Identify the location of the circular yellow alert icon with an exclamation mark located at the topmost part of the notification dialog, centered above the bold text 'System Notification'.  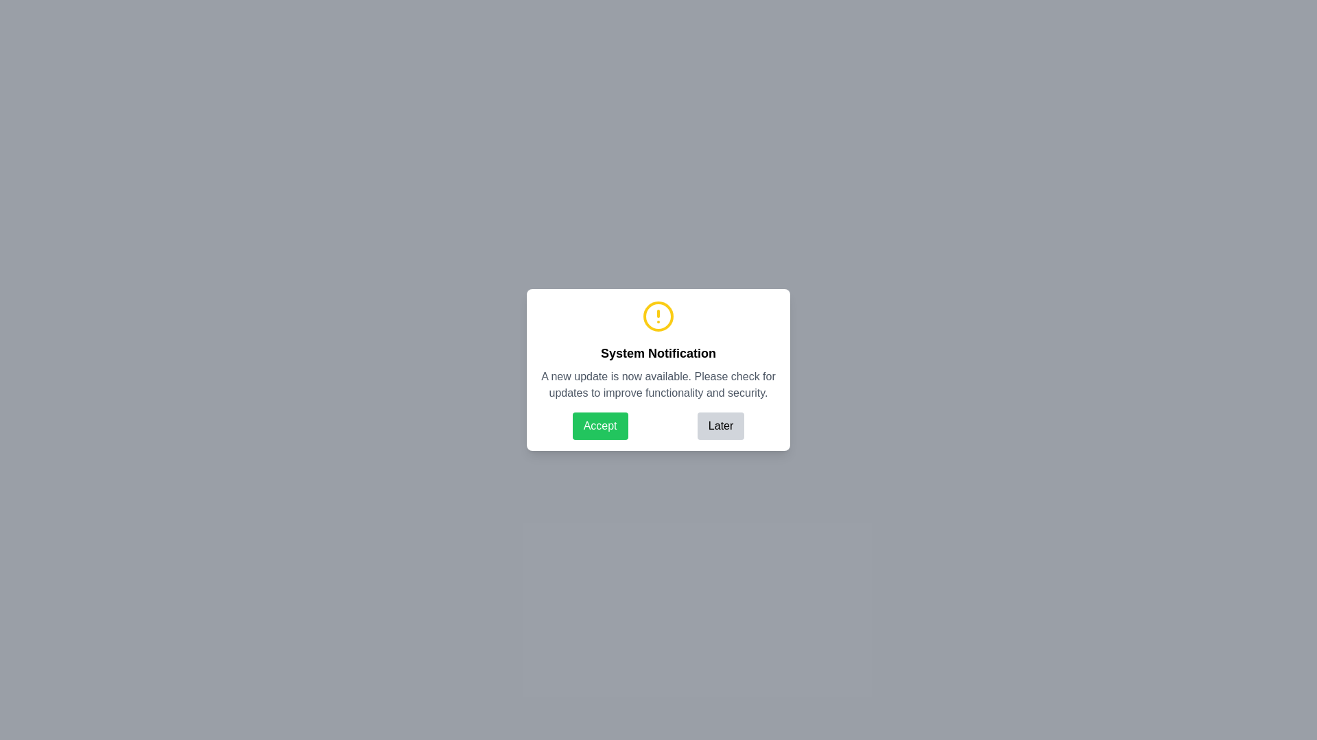
(658, 317).